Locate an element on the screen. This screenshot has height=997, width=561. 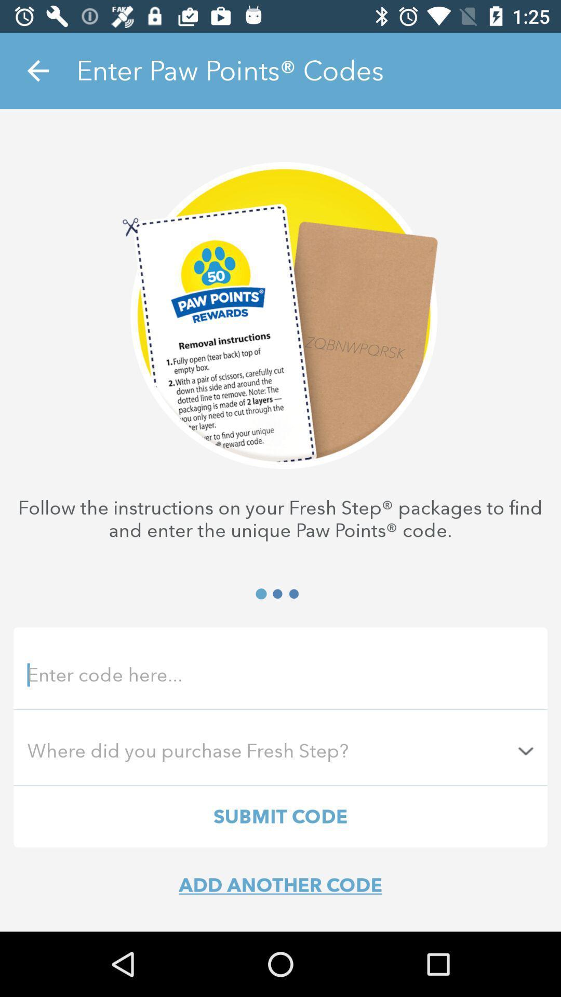
the item below the submit code icon is located at coordinates (280, 884).